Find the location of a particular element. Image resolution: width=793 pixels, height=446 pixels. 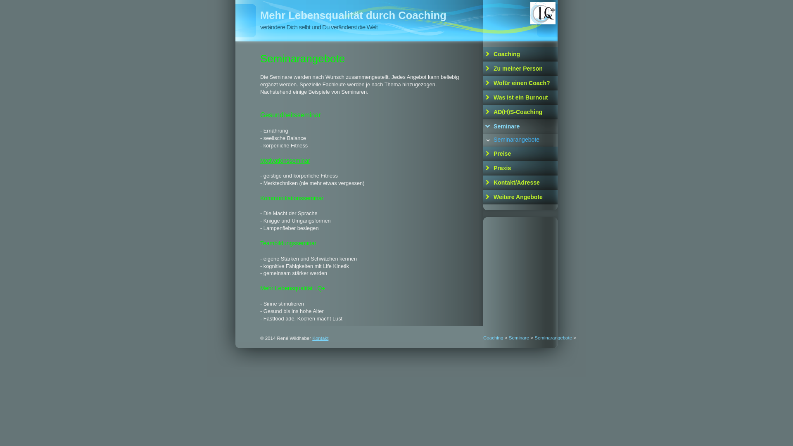

'Weitere Angebote' is located at coordinates (483, 197).